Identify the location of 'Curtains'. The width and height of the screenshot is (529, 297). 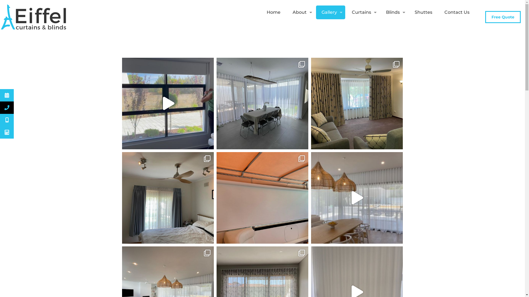
(363, 12).